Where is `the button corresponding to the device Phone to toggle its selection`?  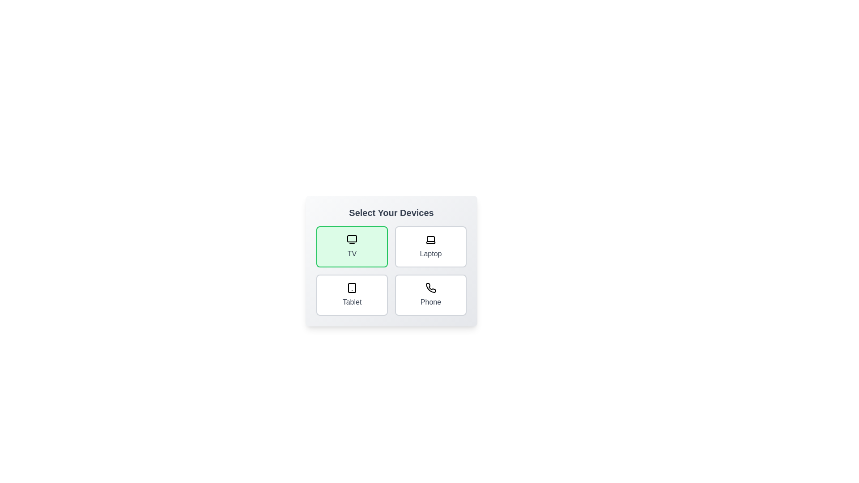 the button corresponding to the device Phone to toggle its selection is located at coordinates (431, 295).